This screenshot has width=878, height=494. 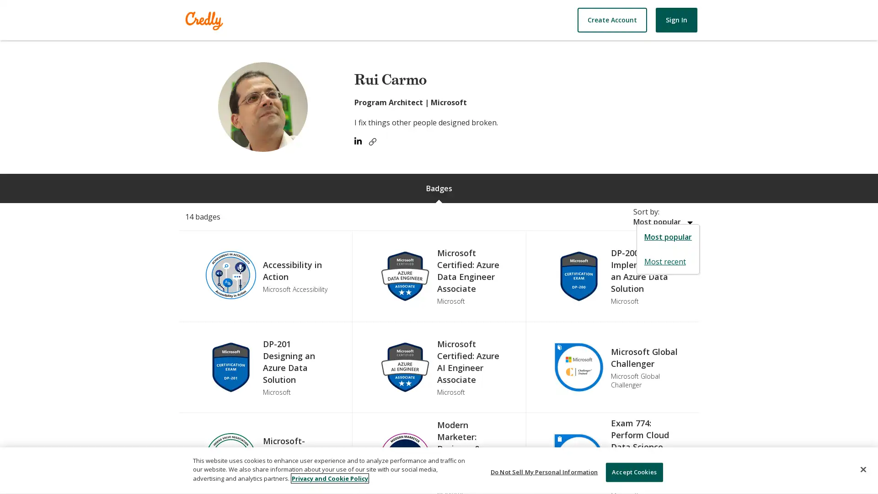 I want to click on Accept Cookies, so click(x=633, y=472).